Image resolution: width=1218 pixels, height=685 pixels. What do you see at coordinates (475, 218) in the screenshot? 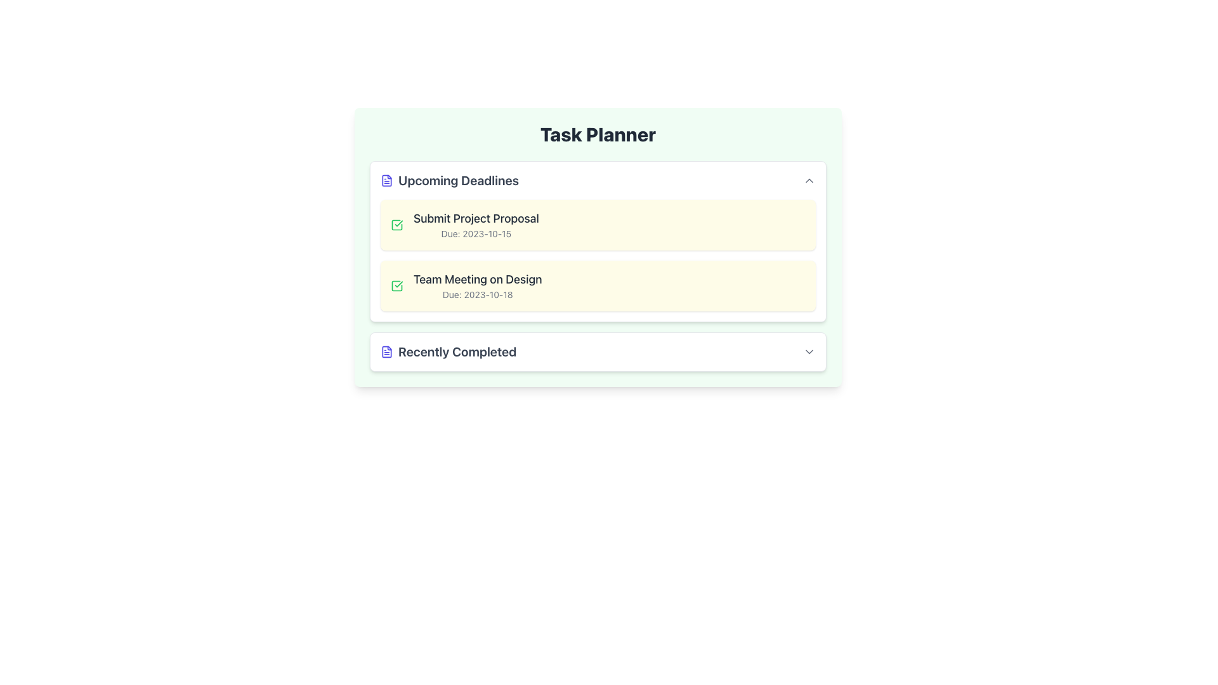
I see `the bold and large text label reading 'Submit Project Proposal' that is prominently styled in dark gray and located above the deadline text in the 'Upcoming Deadlines' section` at bounding box center [475, 218].